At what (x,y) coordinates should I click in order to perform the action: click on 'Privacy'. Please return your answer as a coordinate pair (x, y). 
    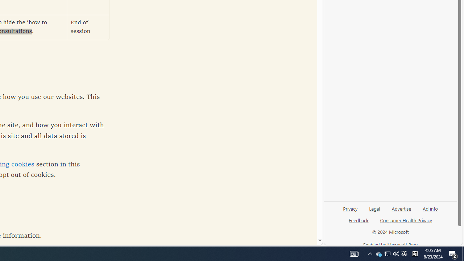
    Looking at the image, I should click on (350, 208).